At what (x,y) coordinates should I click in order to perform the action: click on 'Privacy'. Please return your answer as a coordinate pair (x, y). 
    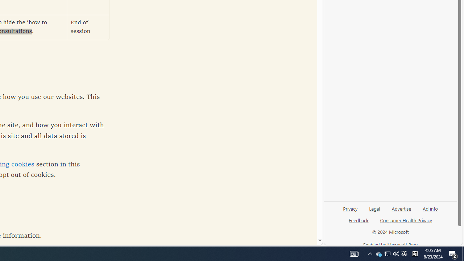
    Looking at the image, I should click on (350, 208).